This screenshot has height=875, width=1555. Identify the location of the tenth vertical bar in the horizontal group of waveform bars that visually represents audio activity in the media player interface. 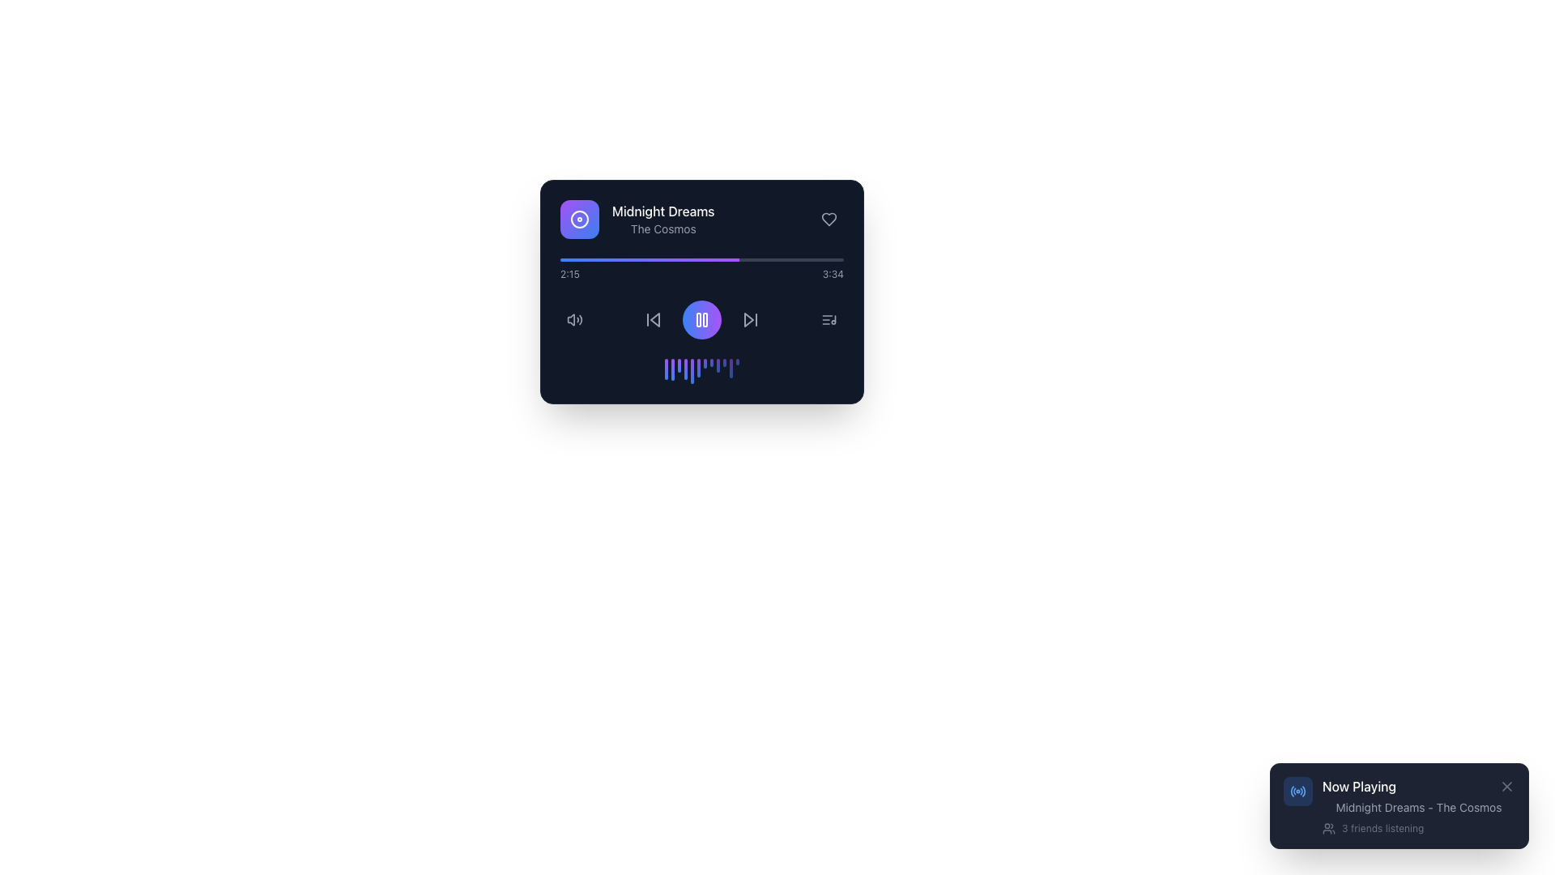
(723, 361).